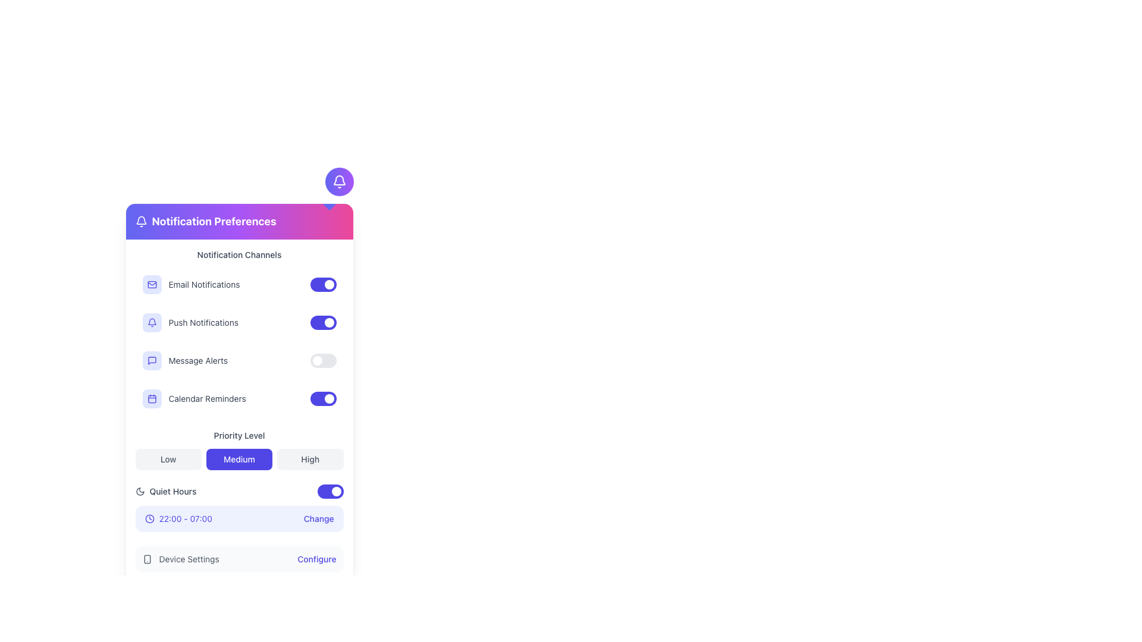 This screenshot has width=1142, height=642. What do you see at coordinates (239, 458) in the screenshot?
I see `the 'Medium' priority level button located in the group of three buttons labeled 'Low', 'Medium', and 'High' below the 'Priority Level' section` at bounding box center [239, 458].